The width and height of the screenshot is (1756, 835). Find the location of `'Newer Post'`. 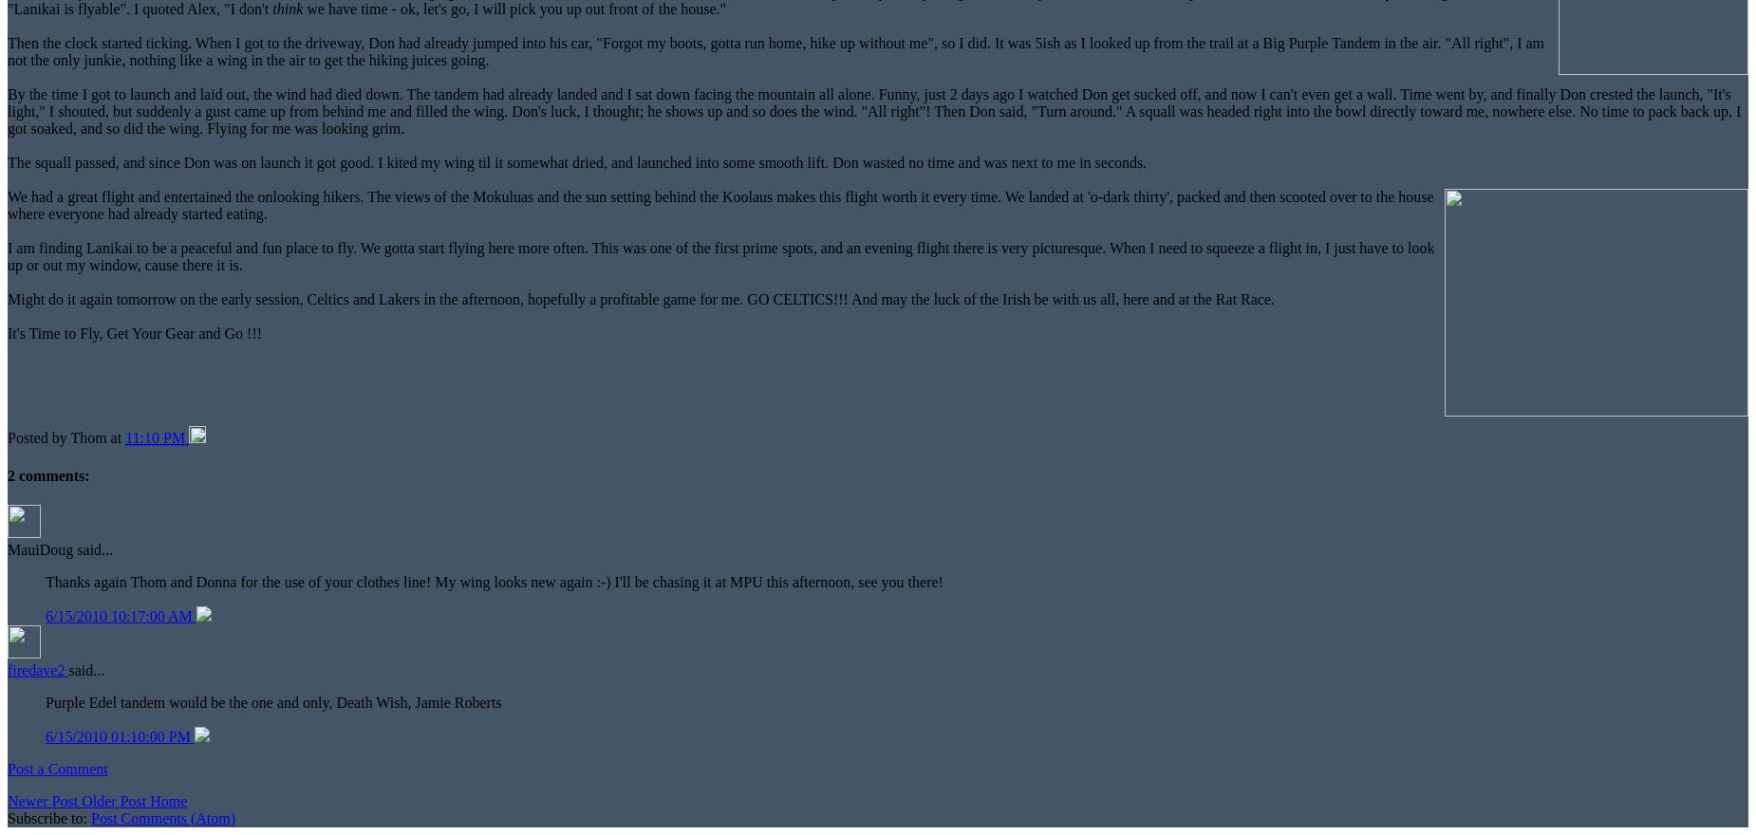

'Newer Post' is located at coordinates (43, 799).